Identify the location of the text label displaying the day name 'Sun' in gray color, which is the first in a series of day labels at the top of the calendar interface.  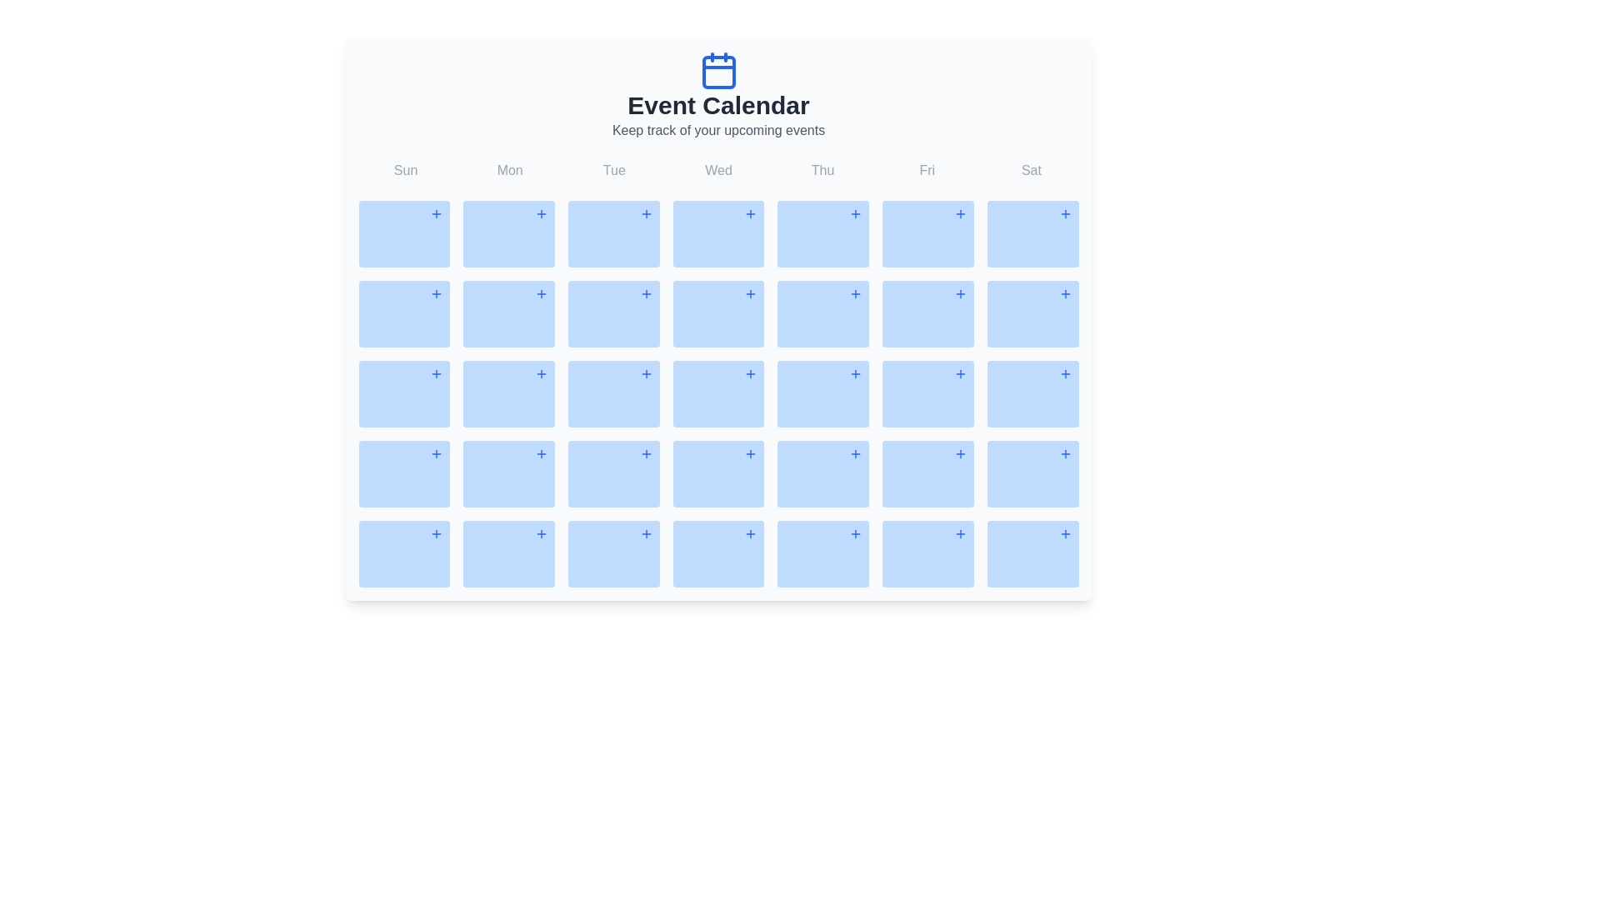
(406, 170).